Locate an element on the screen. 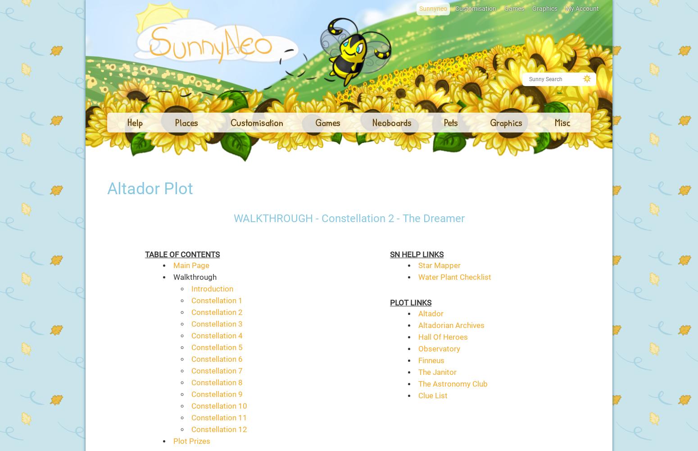 This screenshot has width=698, height=451. 'Constellation 1' is located at coordinates (216, 300).